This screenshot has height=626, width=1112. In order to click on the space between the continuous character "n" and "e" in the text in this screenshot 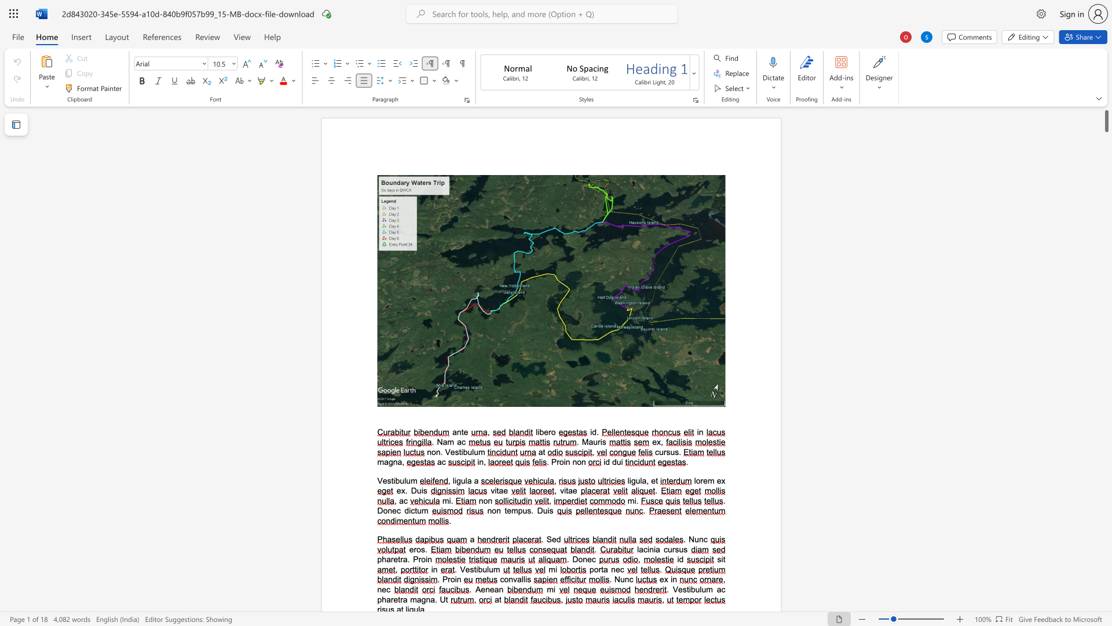, I will do `click(614, 569)`.